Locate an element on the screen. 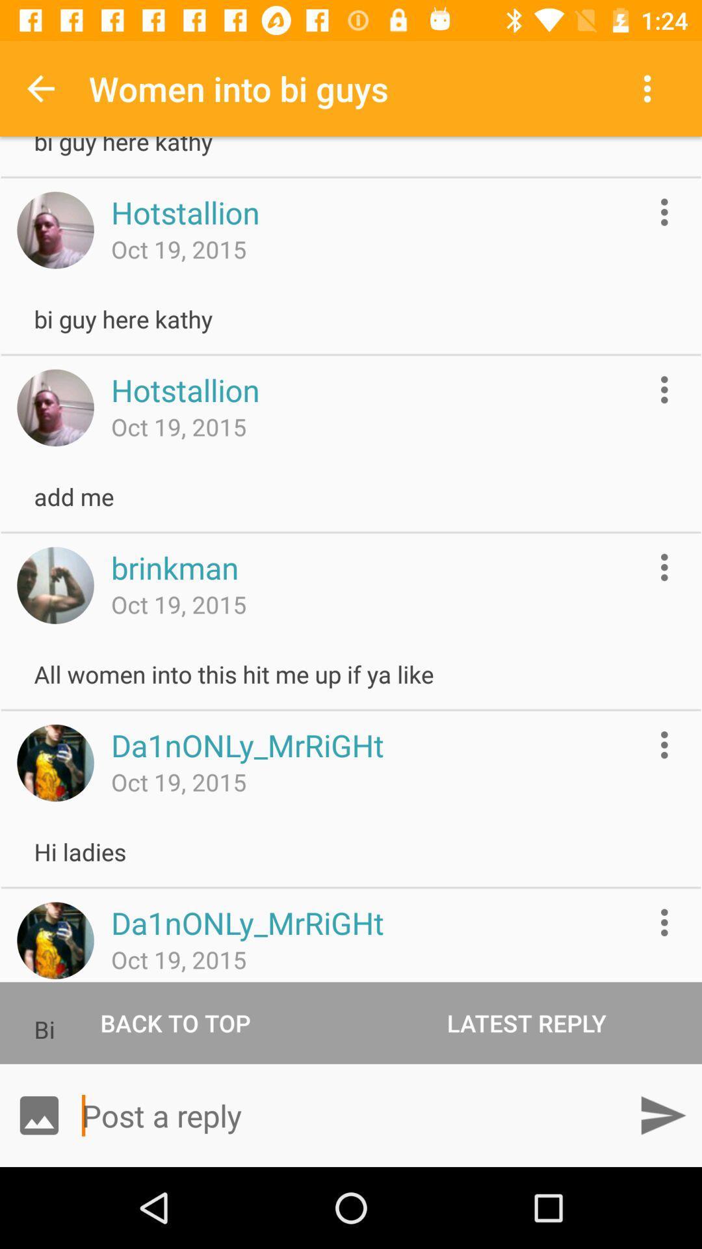 This screenshot has height=1249, width=702. the icon above oct 19, 2015 is located at coordinates (174, 567).